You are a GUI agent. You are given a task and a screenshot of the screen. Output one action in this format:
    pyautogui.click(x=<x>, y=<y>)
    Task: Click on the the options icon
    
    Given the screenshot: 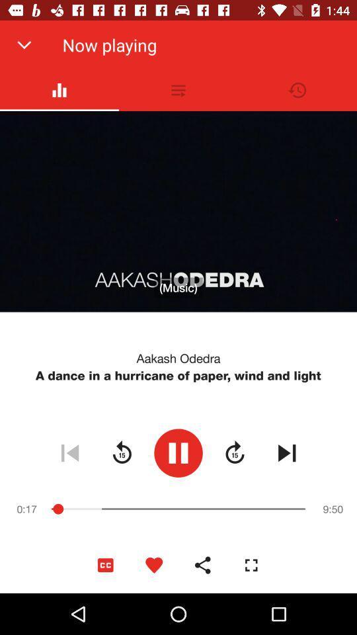 What is the action you would take?
    pyautogui.click(x=178, y=89)
    